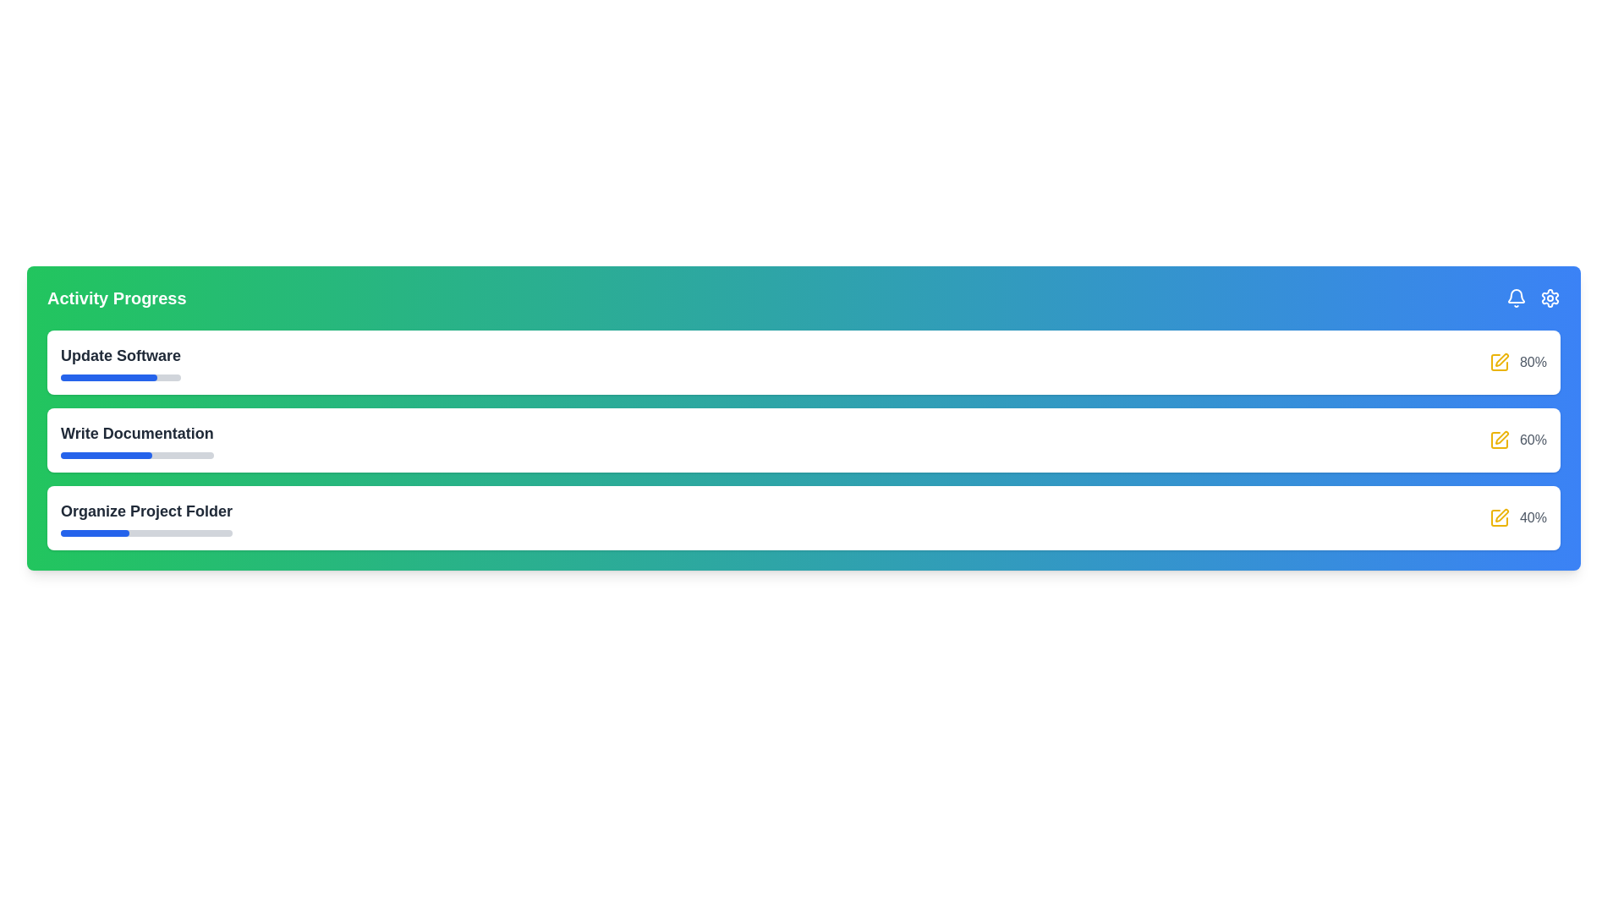 The image size is (1624, 913). Describe the element at coordinates (1533, 361) in the screenshot. I see `the Text label indicating 80% completion for the 'Write Documentation' task, located to the right of the yellow edit icon` at that location.